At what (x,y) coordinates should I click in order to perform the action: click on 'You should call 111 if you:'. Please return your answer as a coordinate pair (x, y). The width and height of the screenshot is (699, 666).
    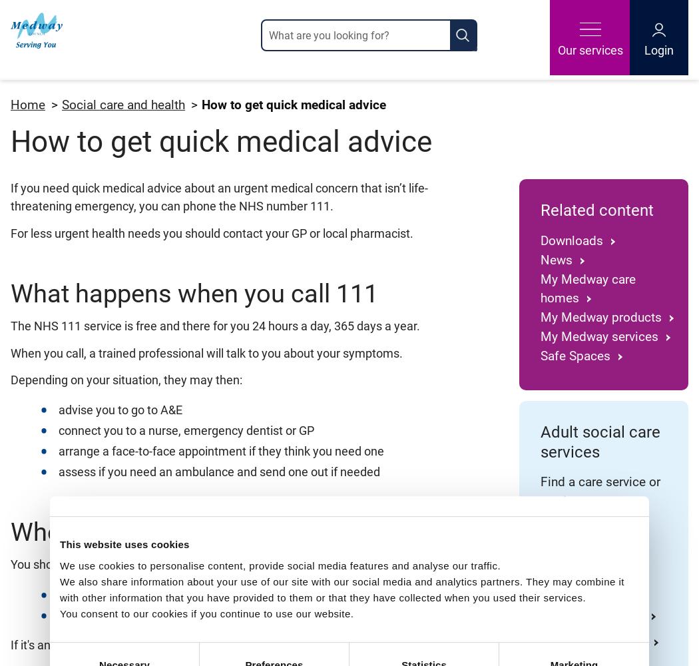
    Looking at the image, I should click on (77, 563).